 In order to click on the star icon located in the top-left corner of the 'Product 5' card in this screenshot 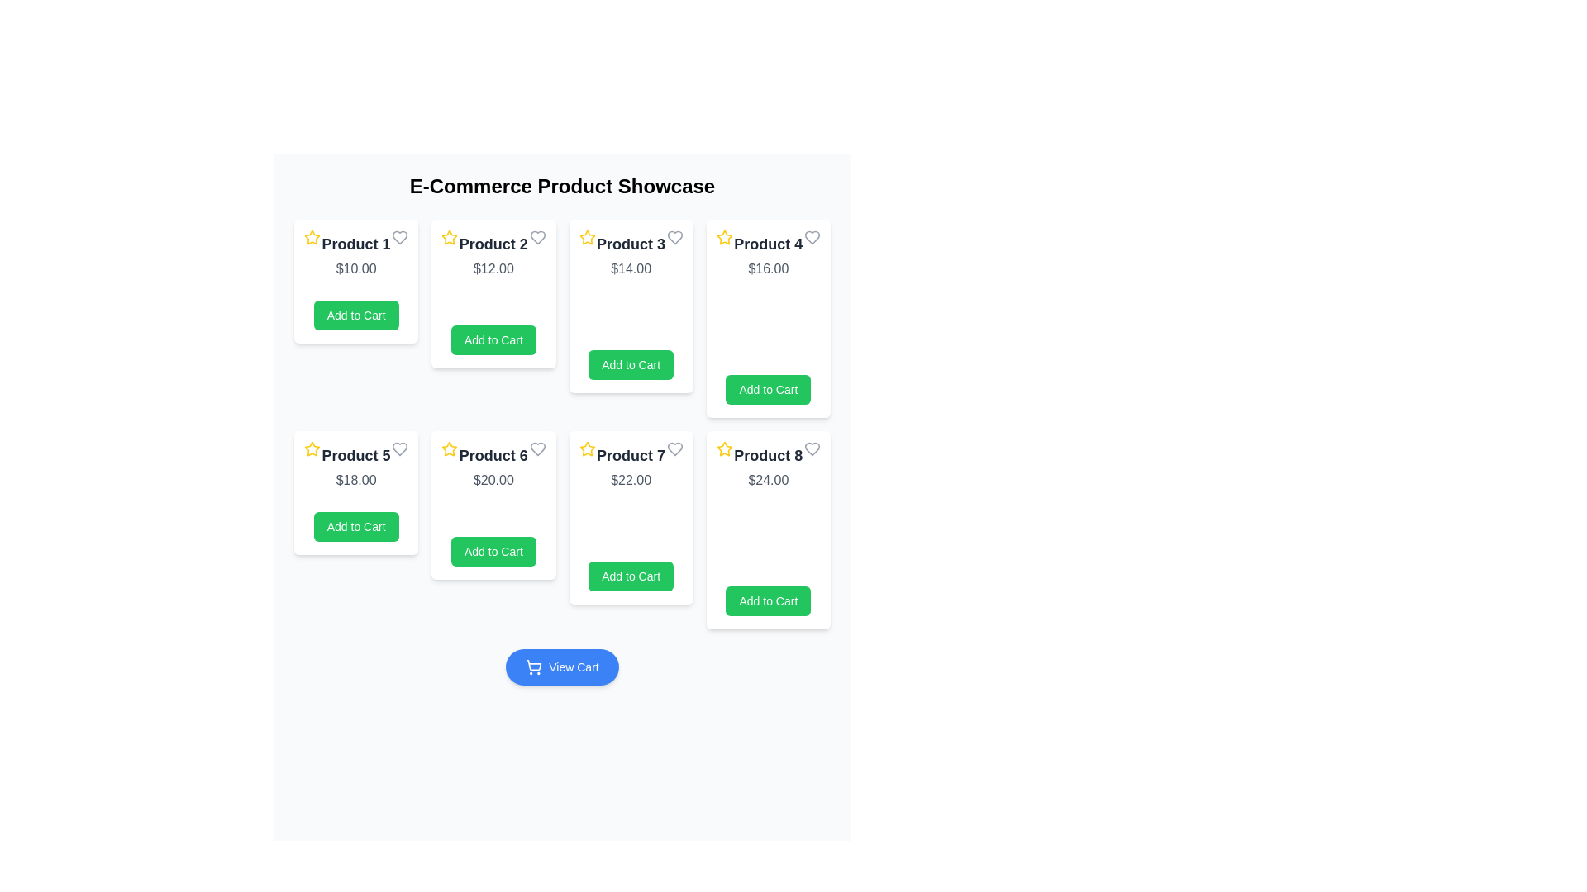, I will do `click(312, 448)`.